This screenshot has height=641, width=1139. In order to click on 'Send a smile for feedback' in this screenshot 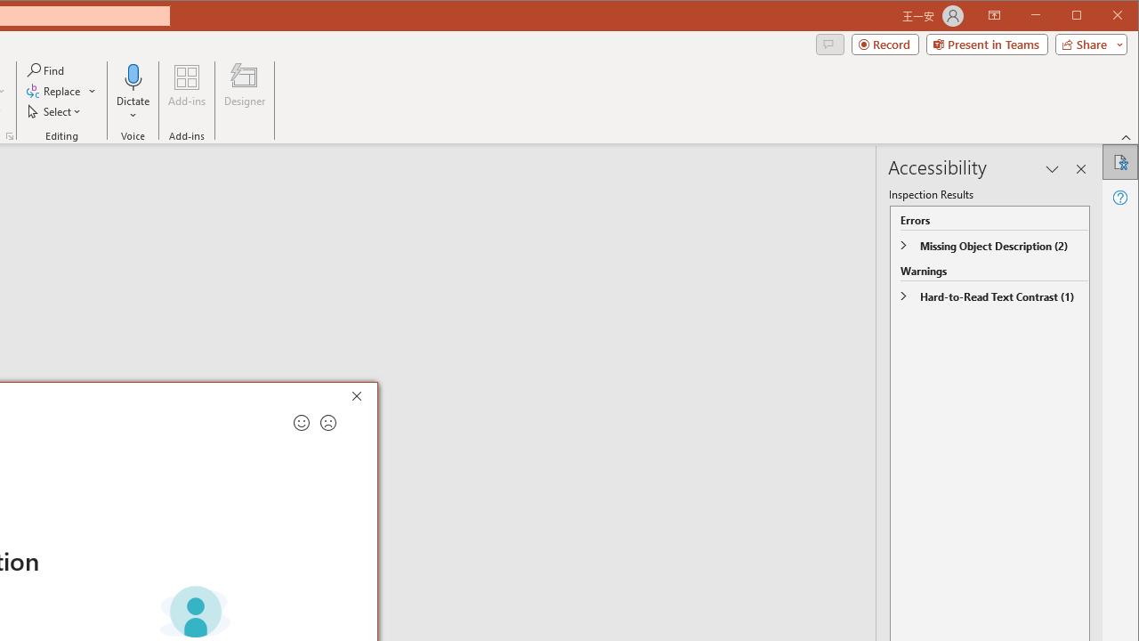, I will do `click(302, 423)`.